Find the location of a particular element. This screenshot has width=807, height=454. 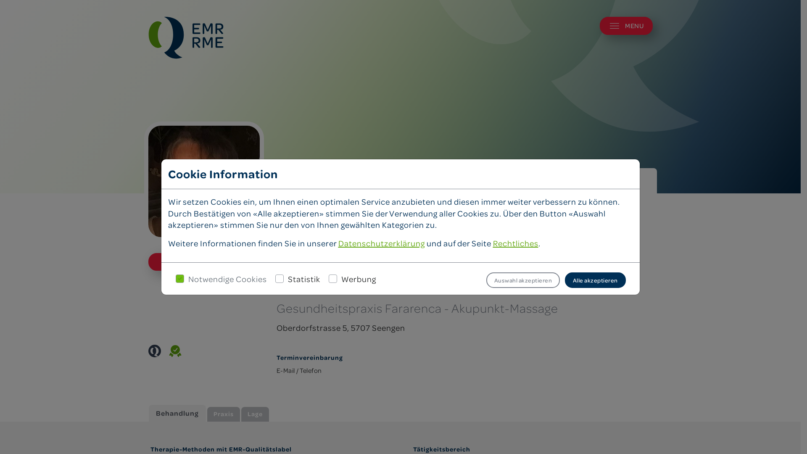

'Alle akzeptieren' is located at coordinates (595, 280).